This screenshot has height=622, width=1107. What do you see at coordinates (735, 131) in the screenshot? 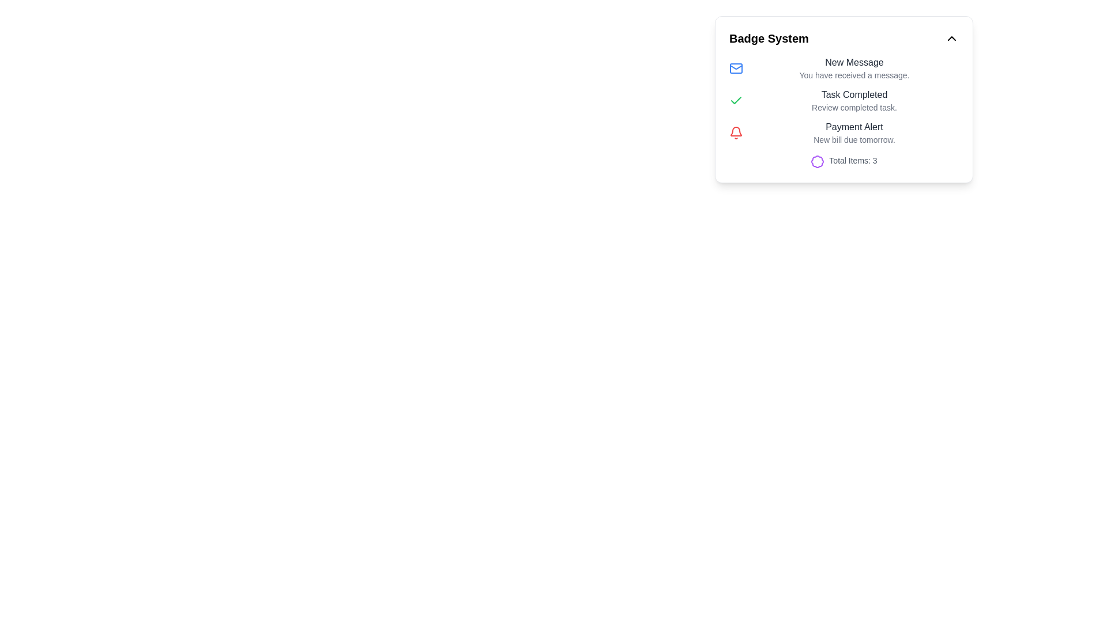
I see `the bell icon in the 'Badge System' section, which symbolizes an alert or notification, positioned as the third item in a vertical list of icons` at bounding box center [735, 131].